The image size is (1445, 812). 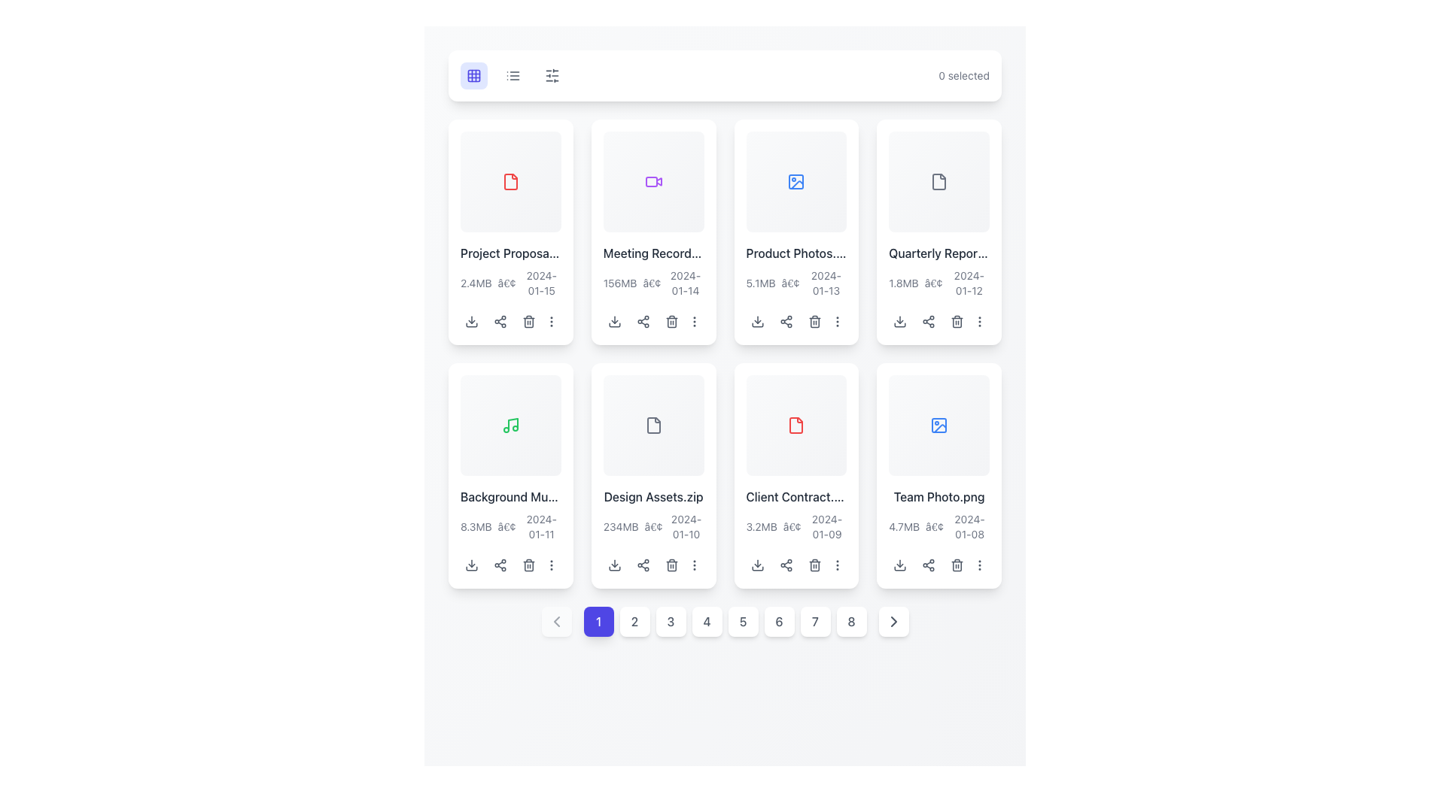 What do you see at coordinates (653, 252) in the screenshot?
I see `the text label that displays the title of the associated file, located in the second column of the first row within the grid layout` at bounding box center [653, 252].